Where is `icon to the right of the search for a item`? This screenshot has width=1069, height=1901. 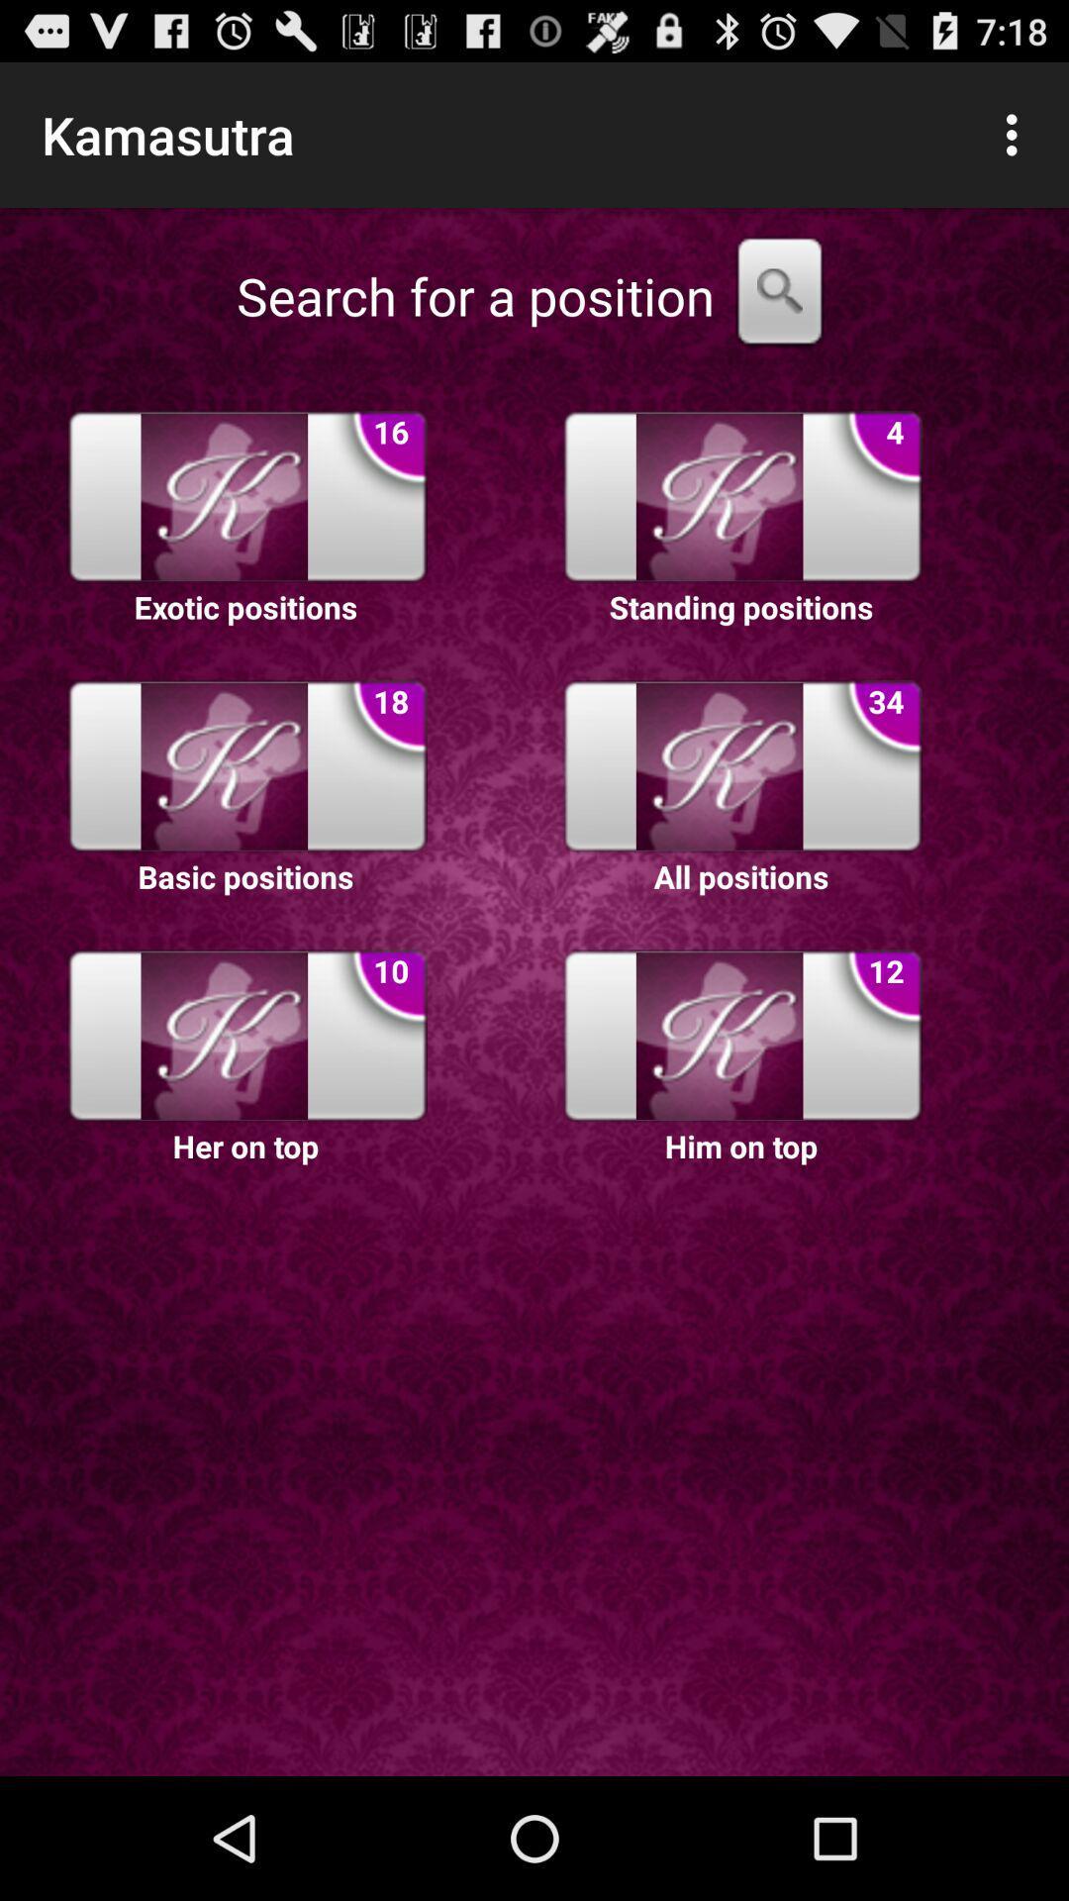
icon to the right of the search for a item is located at coordinates (778, 295).